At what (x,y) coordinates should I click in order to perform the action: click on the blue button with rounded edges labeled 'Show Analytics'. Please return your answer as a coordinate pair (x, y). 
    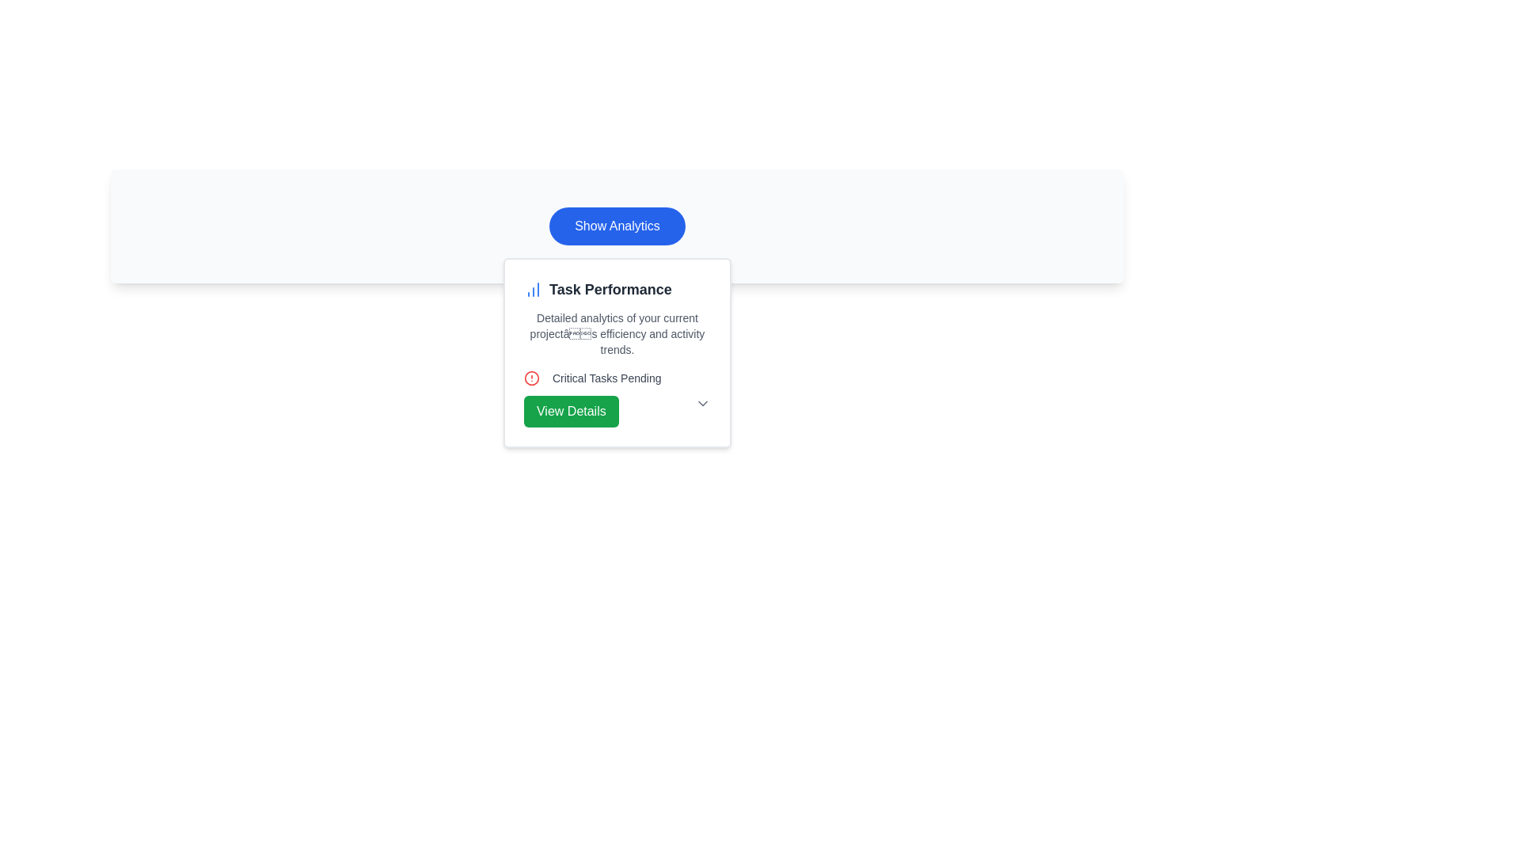
    Looking at the image, I should click on (616, 226).